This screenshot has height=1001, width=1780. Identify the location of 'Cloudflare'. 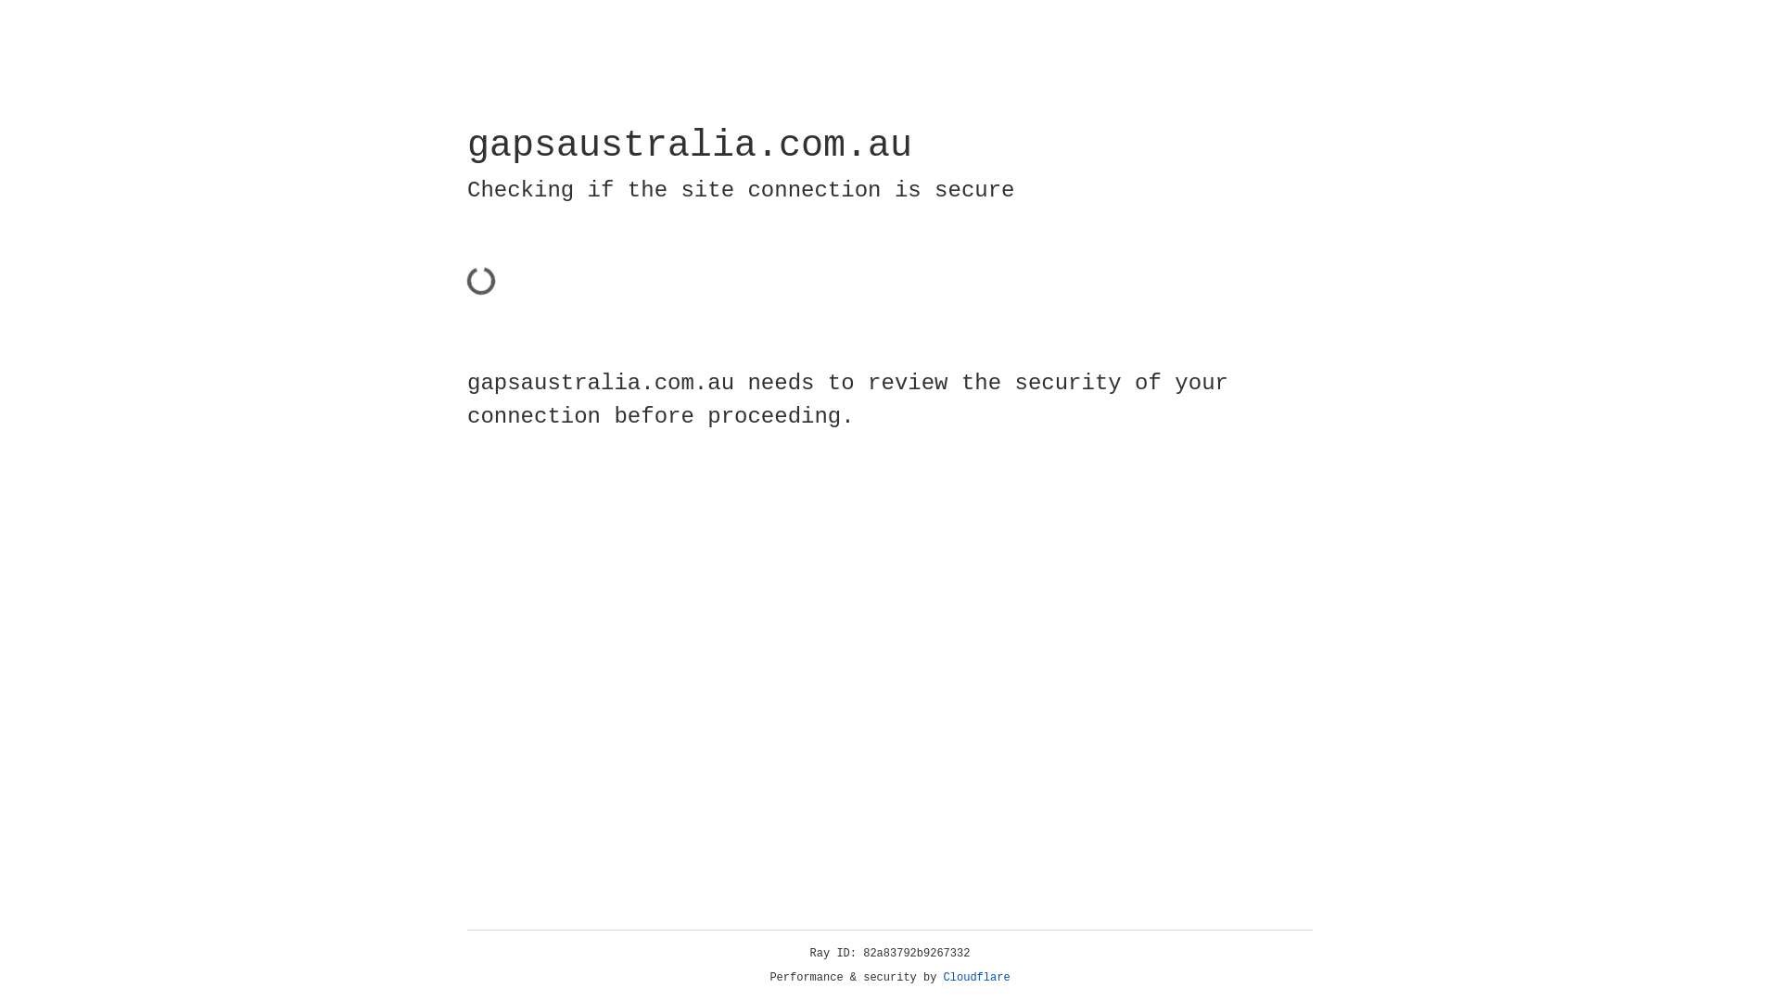
(976, 977).